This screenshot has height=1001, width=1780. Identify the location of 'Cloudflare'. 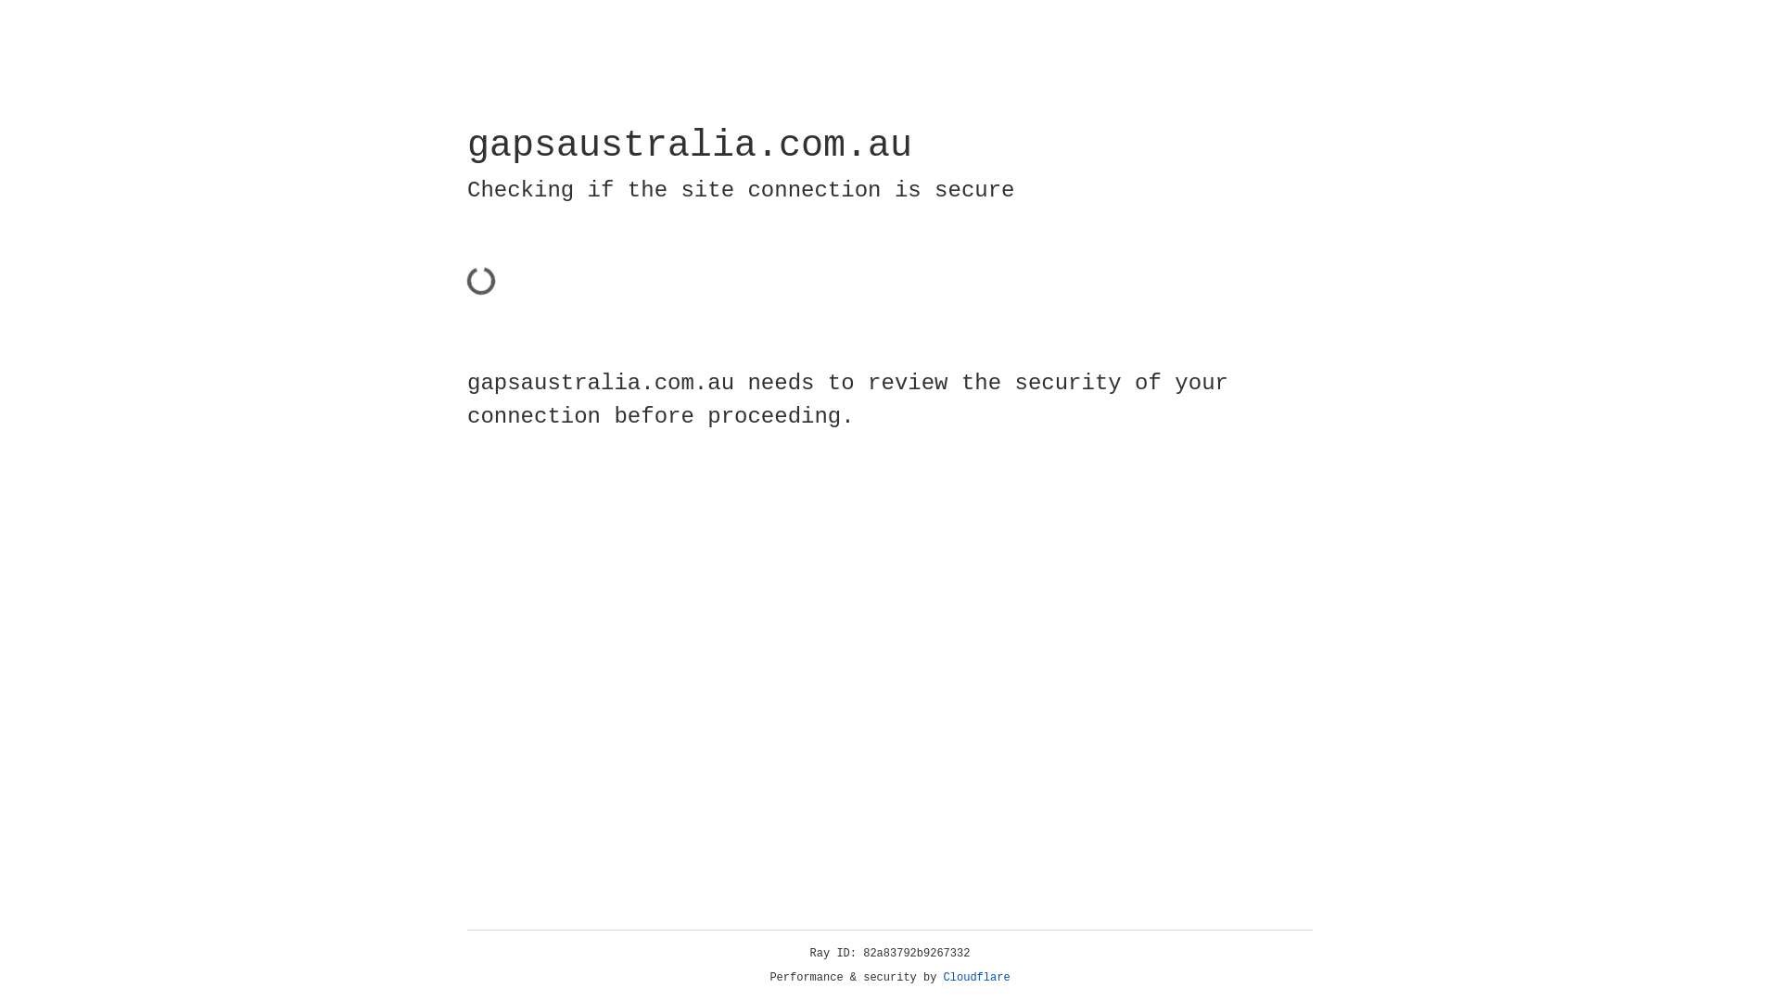
(976, 977).